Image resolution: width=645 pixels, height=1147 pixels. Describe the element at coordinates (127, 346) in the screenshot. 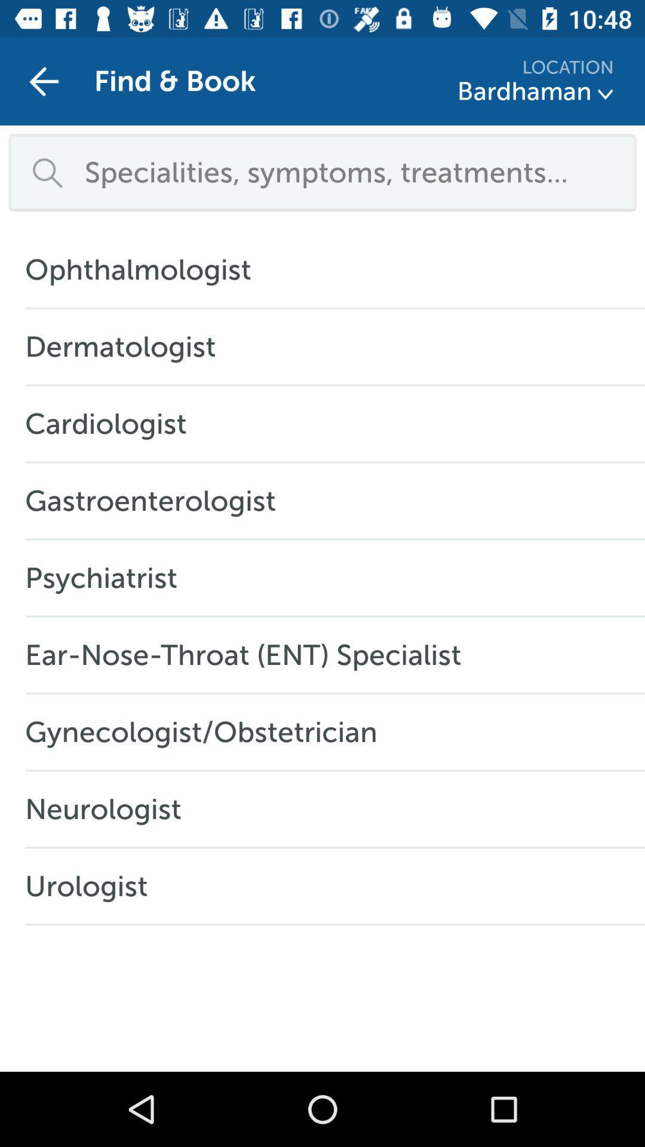

I see `icon above cardiologist icon` at that location.